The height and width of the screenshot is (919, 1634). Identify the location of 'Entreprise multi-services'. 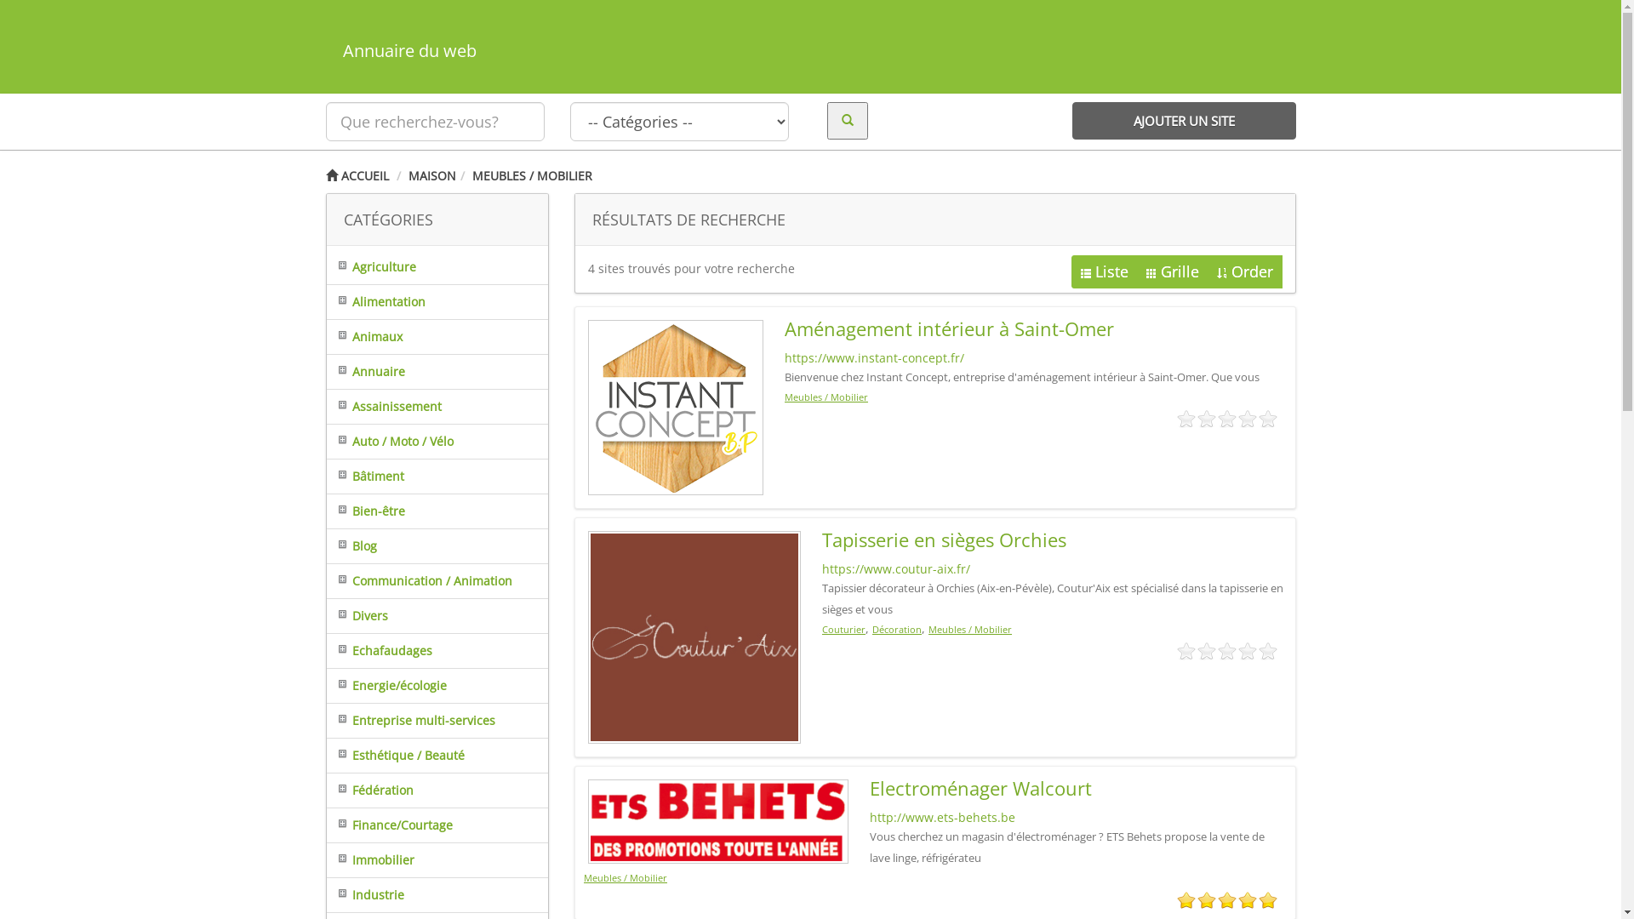
(411, 720).